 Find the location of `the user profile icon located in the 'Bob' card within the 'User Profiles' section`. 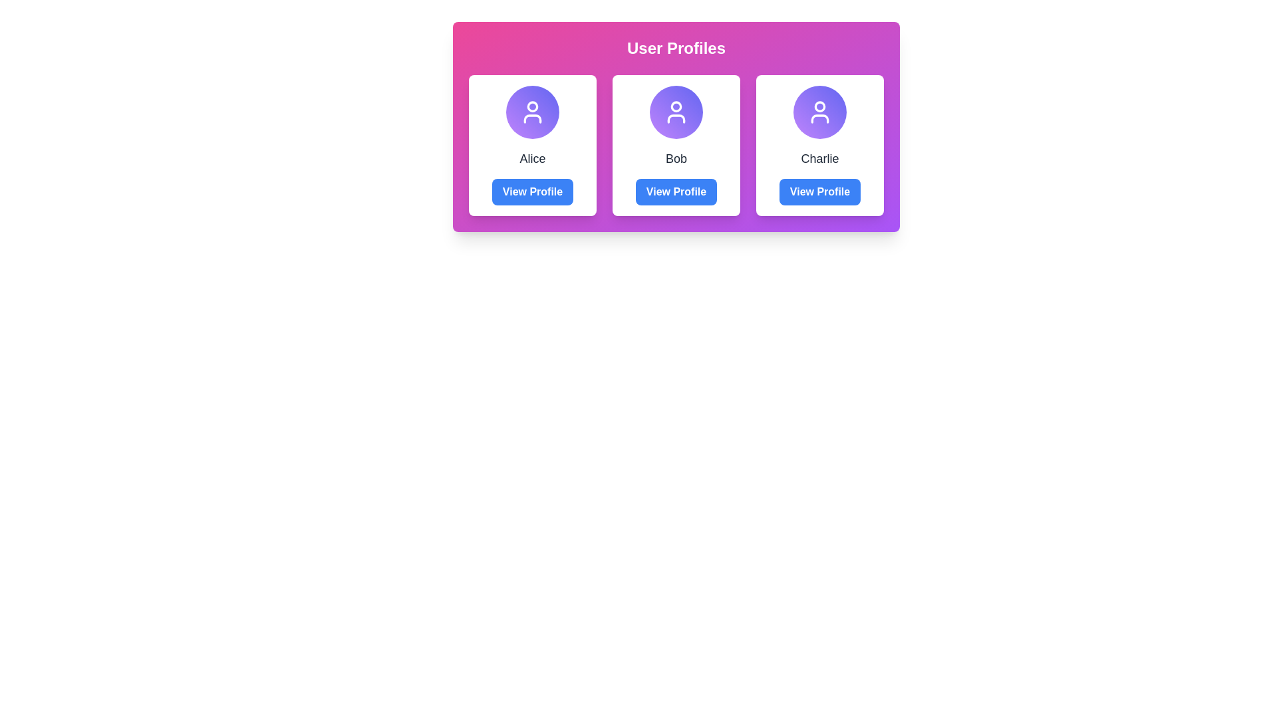

the user profile icon located in the 'Bob' card within the 'User Profiles' section is located at coordinates (676, 105).